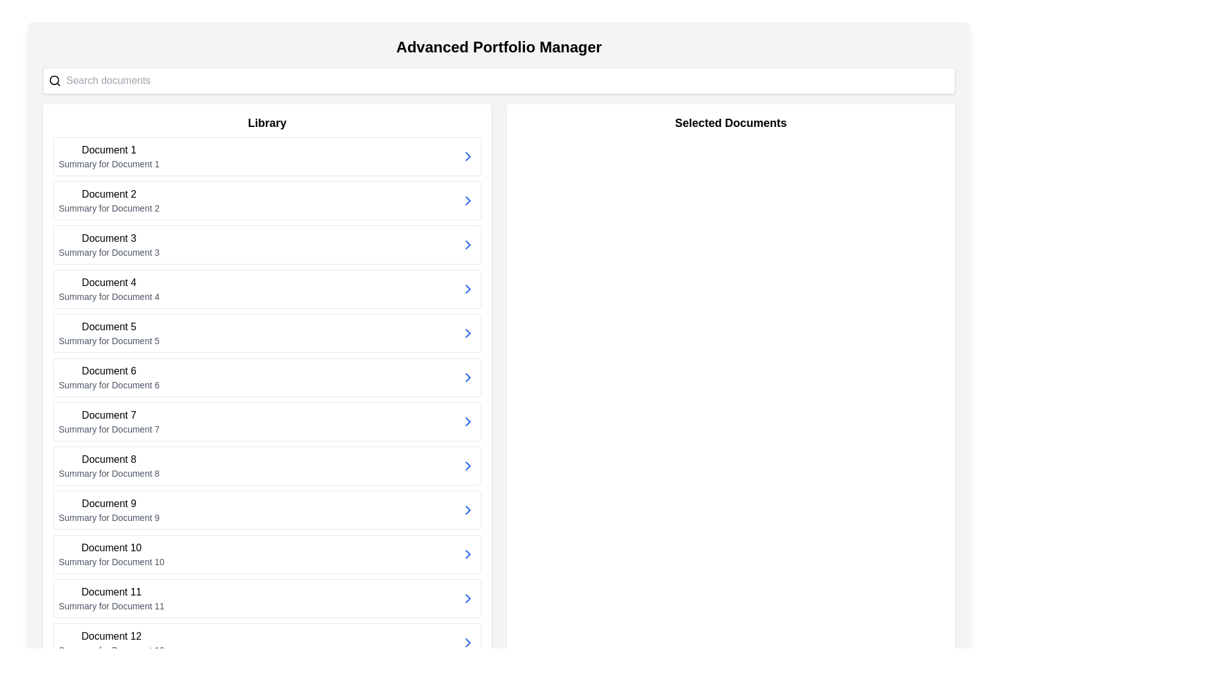  Describe the element at coordinates (467, 509) in the screenshot. I see `the right-facing chevron icon associated with 'Document 12' under the 'Library' heading` at that location.